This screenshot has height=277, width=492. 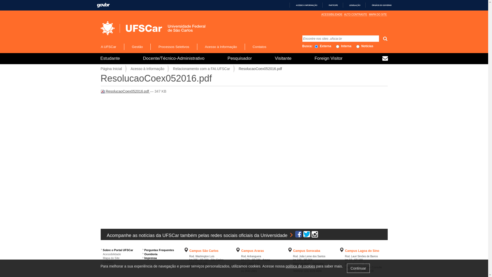 I want to click on 'Estudante', so click(x=88, y=58).